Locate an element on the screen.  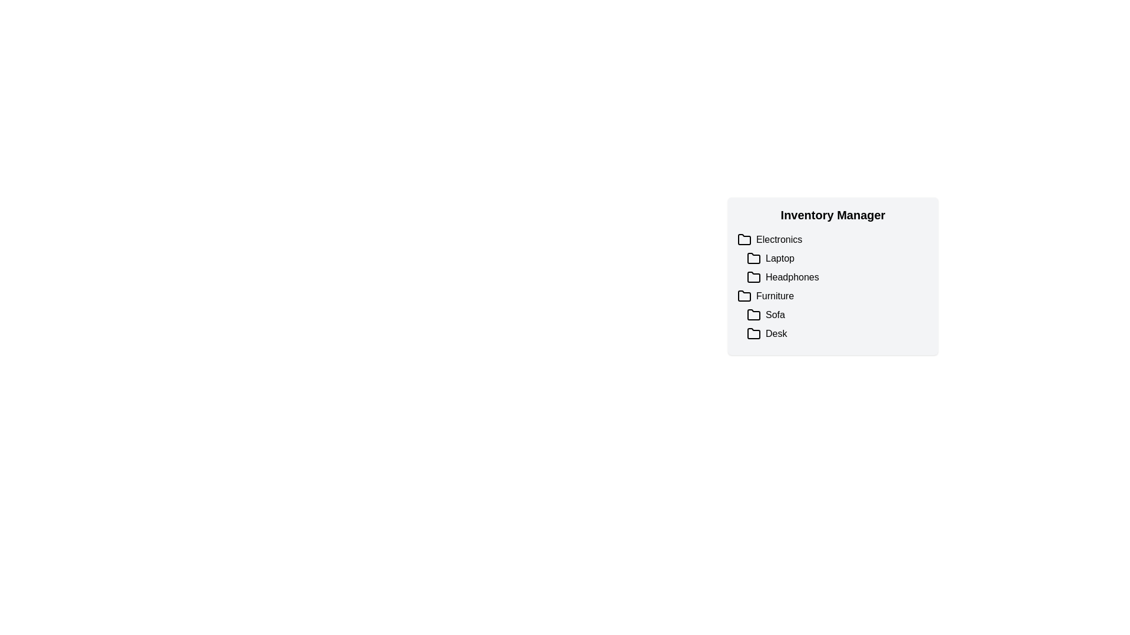
the 'Headphones' text label, which is the third item under 'Electronics' in the 'Inventory Manager' section is located at coordinates (792, 277).